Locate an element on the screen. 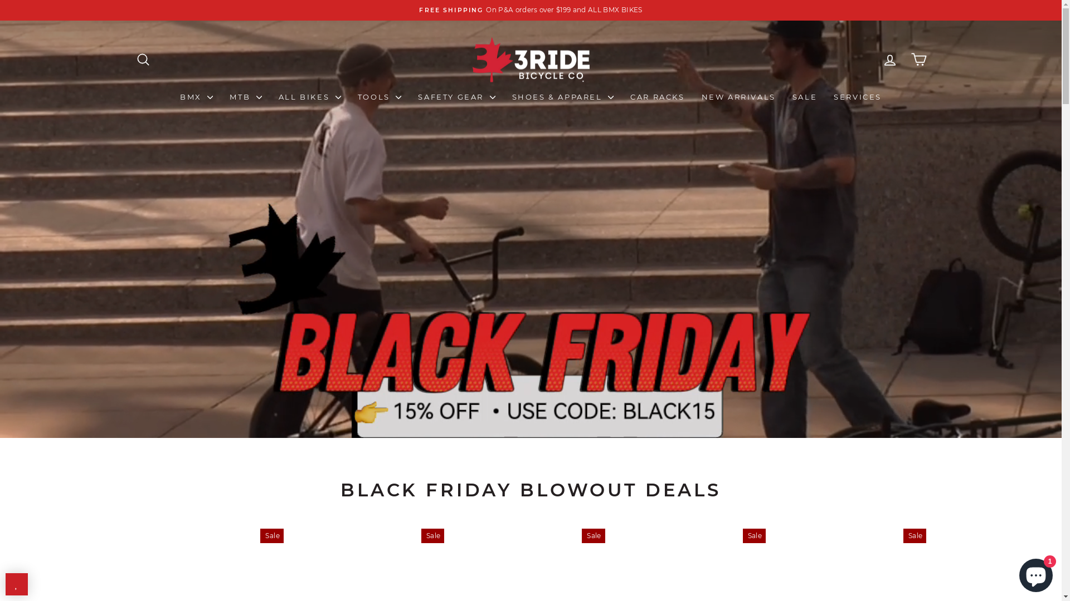  'CART' is located at coordinates (918, 59).